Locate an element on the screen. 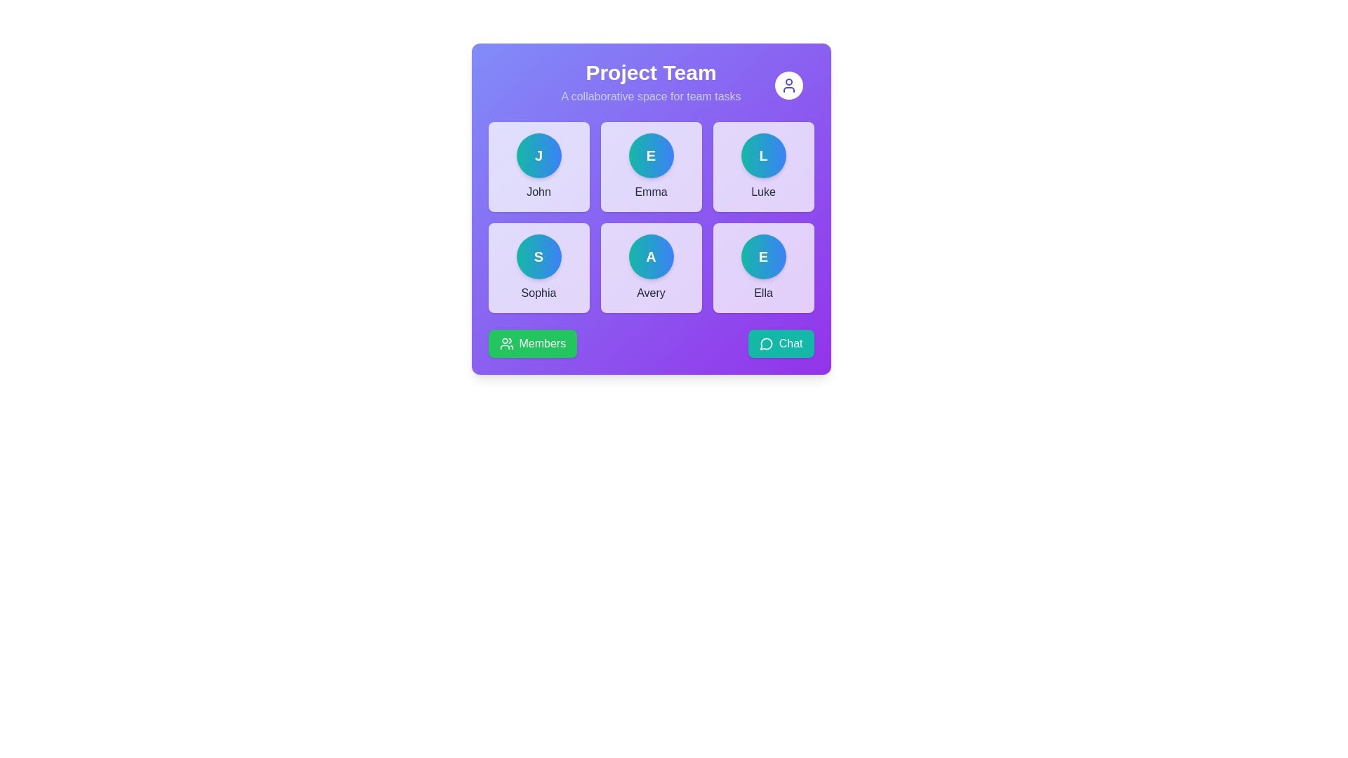  the 'Members' button icon, which resembles a group of people and is located at the bottom-left corner of the main interface card is located at coordinates (505, 343).